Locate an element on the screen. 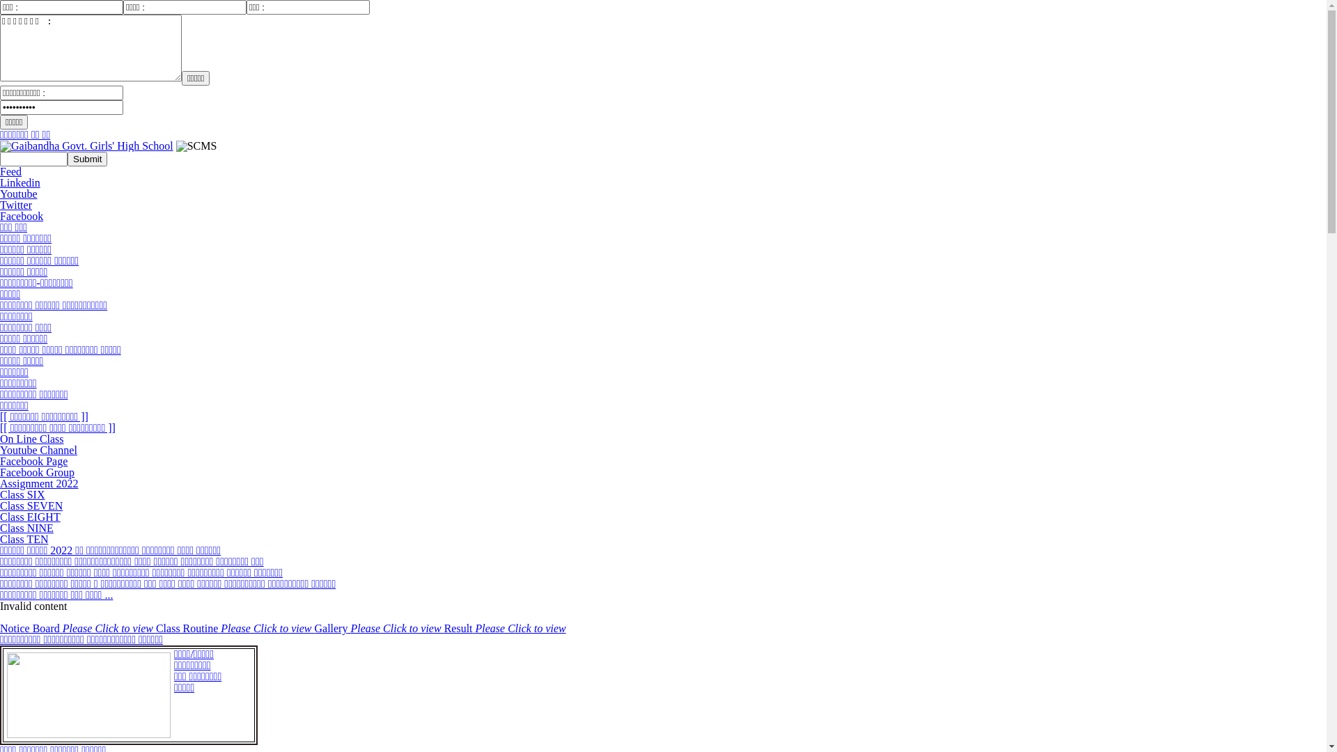 The width and height of the screenshot is (1337, 752). 'Assignment 2022' is located at coordinates (39, 483).